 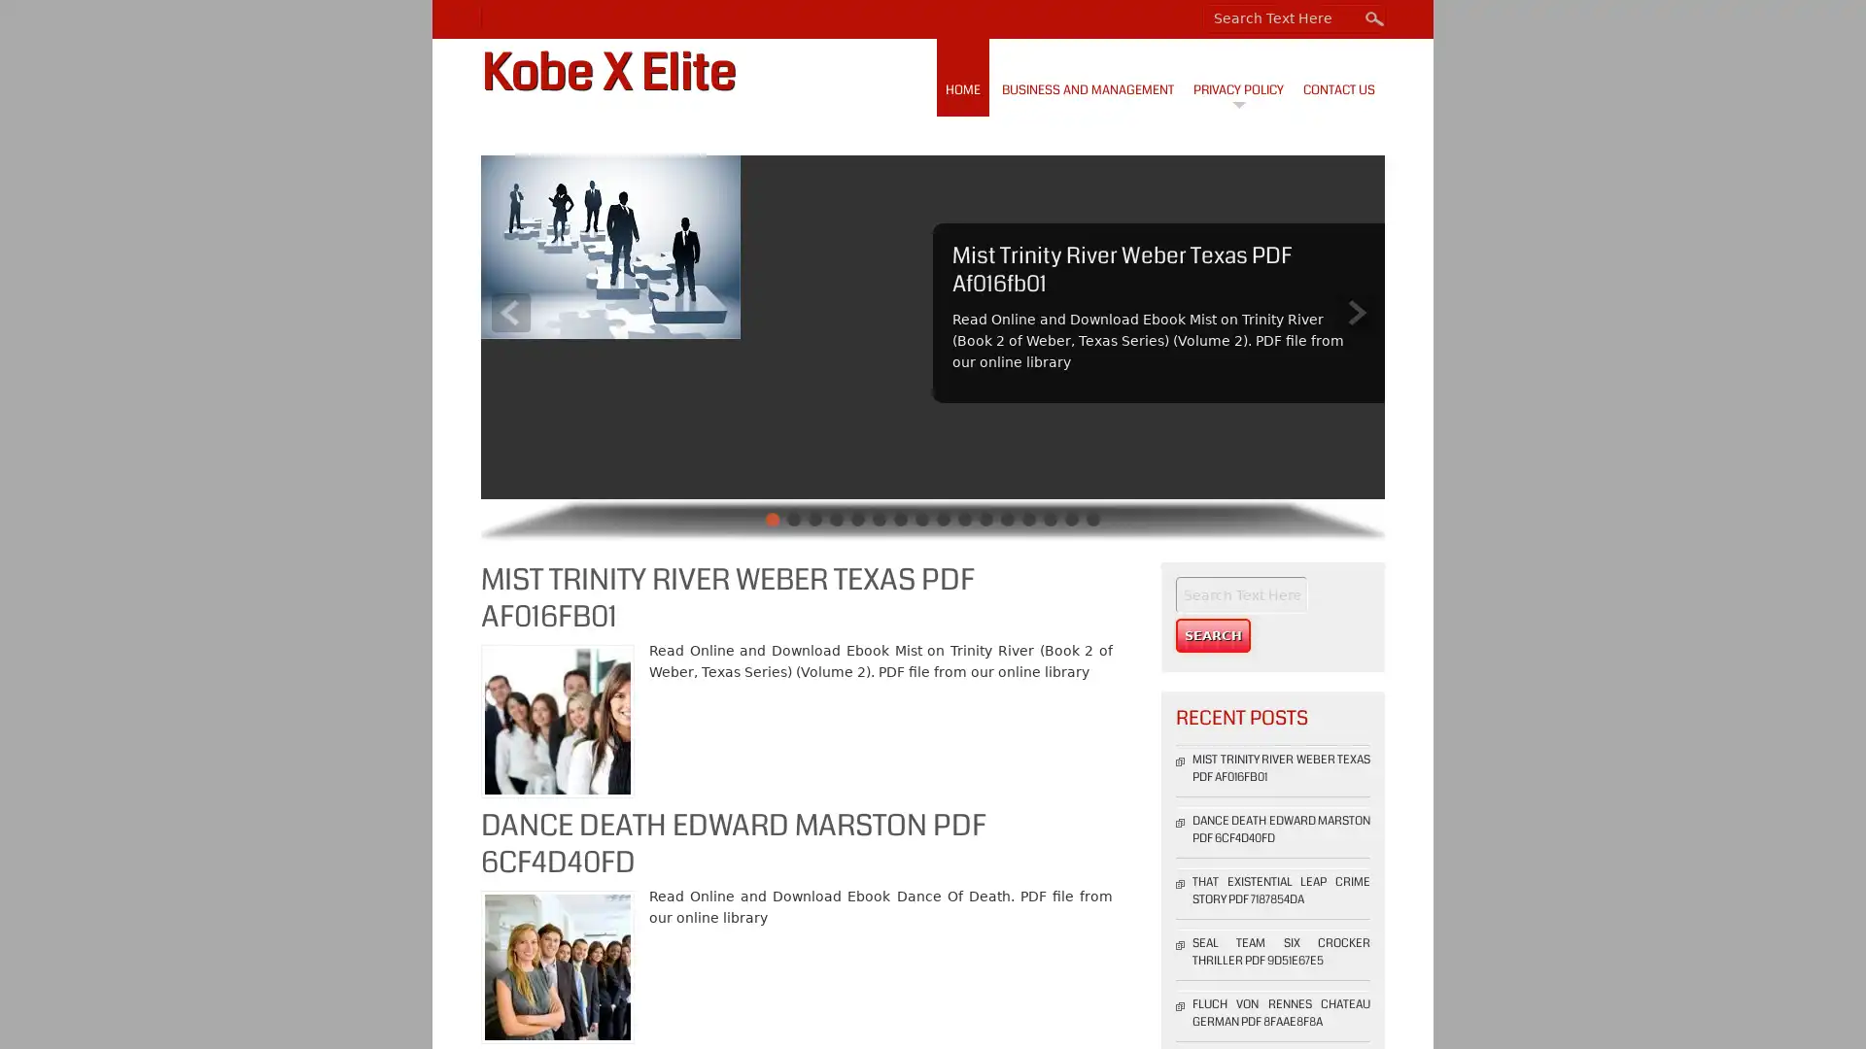 What do you see at coordinates (1212, 635) in the screenshot?
I see `Search` at bounding box center [1212, 635].